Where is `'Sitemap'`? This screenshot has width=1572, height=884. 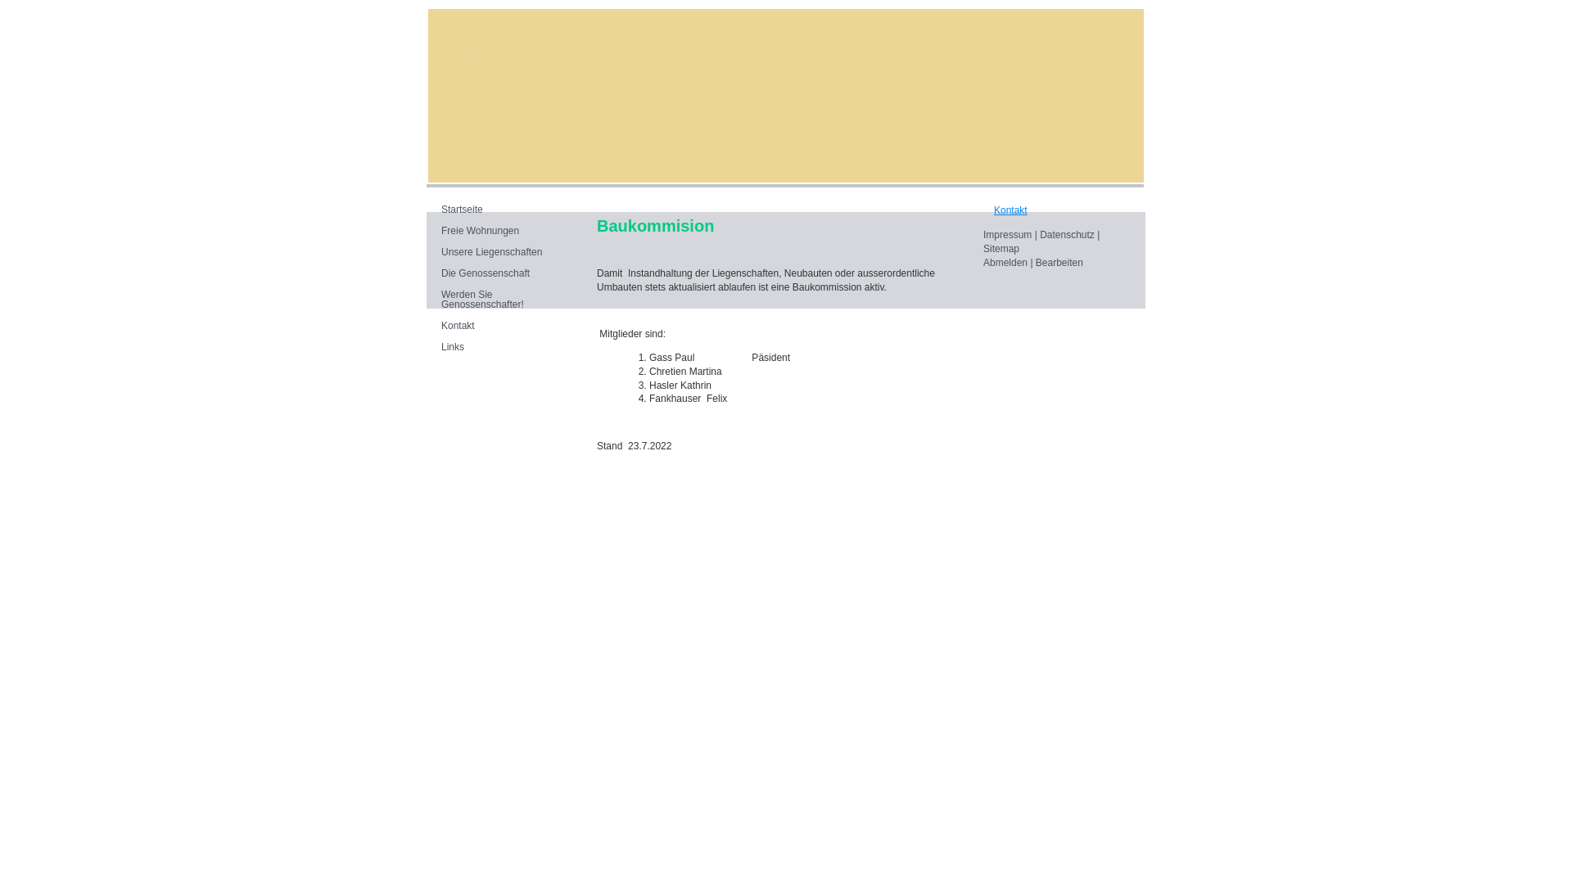
'Sitemap' is located at coordinates (1001, 249).